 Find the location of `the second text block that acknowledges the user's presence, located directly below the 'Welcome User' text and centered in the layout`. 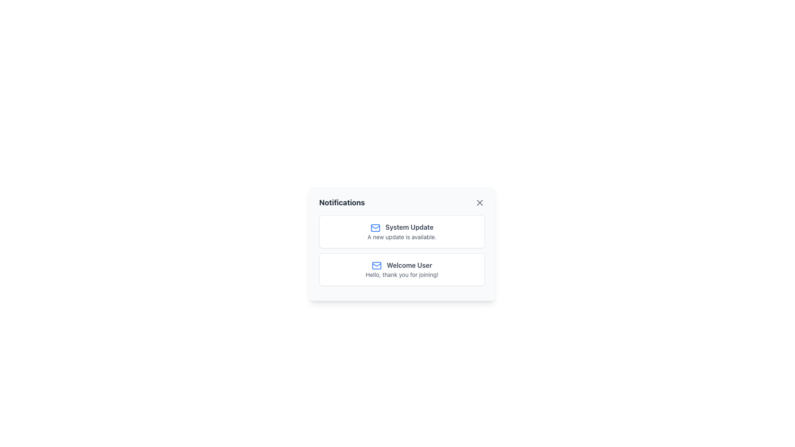

the second text block that acknowledges the user's presence, located directly below the 'Welcome User' text and centered in the layout is located at coordinates (402, 274).